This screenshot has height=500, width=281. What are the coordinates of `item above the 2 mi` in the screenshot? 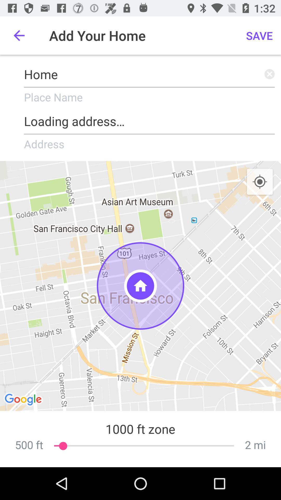 It's located at (260, 182).